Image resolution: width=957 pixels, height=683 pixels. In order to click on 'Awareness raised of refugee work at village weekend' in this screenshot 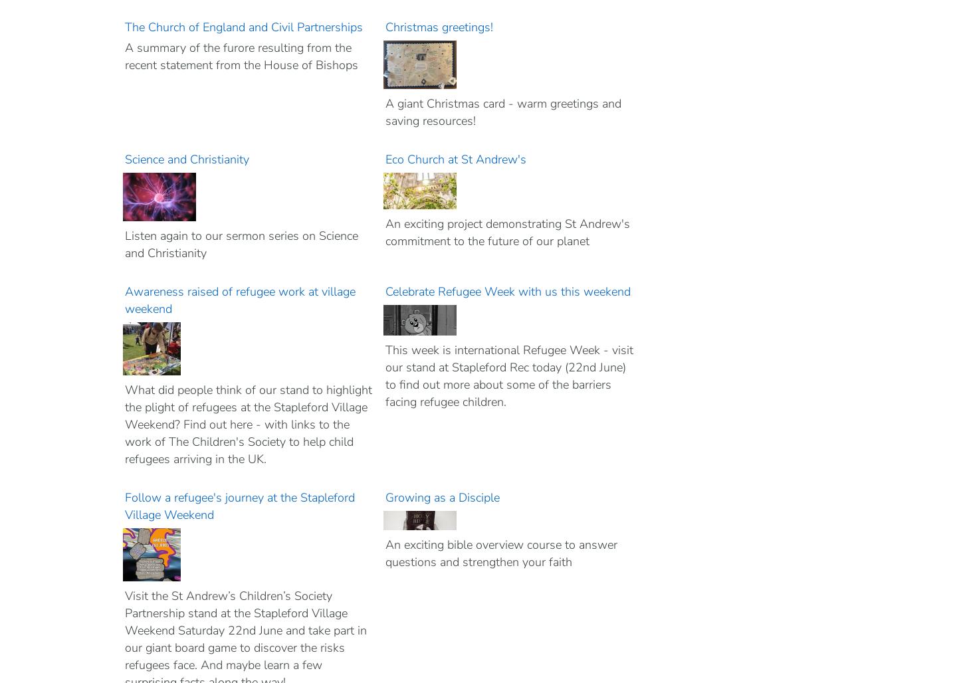, I will do `click(239, 300)`.